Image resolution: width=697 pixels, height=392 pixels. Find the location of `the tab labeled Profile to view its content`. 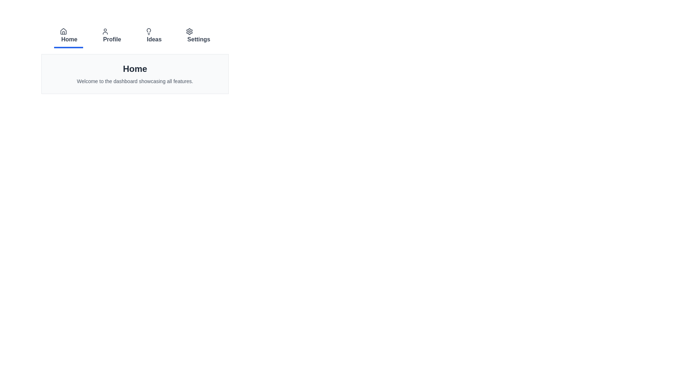

the tab labeled Profile to view its content is located at coordinates (111, 36).